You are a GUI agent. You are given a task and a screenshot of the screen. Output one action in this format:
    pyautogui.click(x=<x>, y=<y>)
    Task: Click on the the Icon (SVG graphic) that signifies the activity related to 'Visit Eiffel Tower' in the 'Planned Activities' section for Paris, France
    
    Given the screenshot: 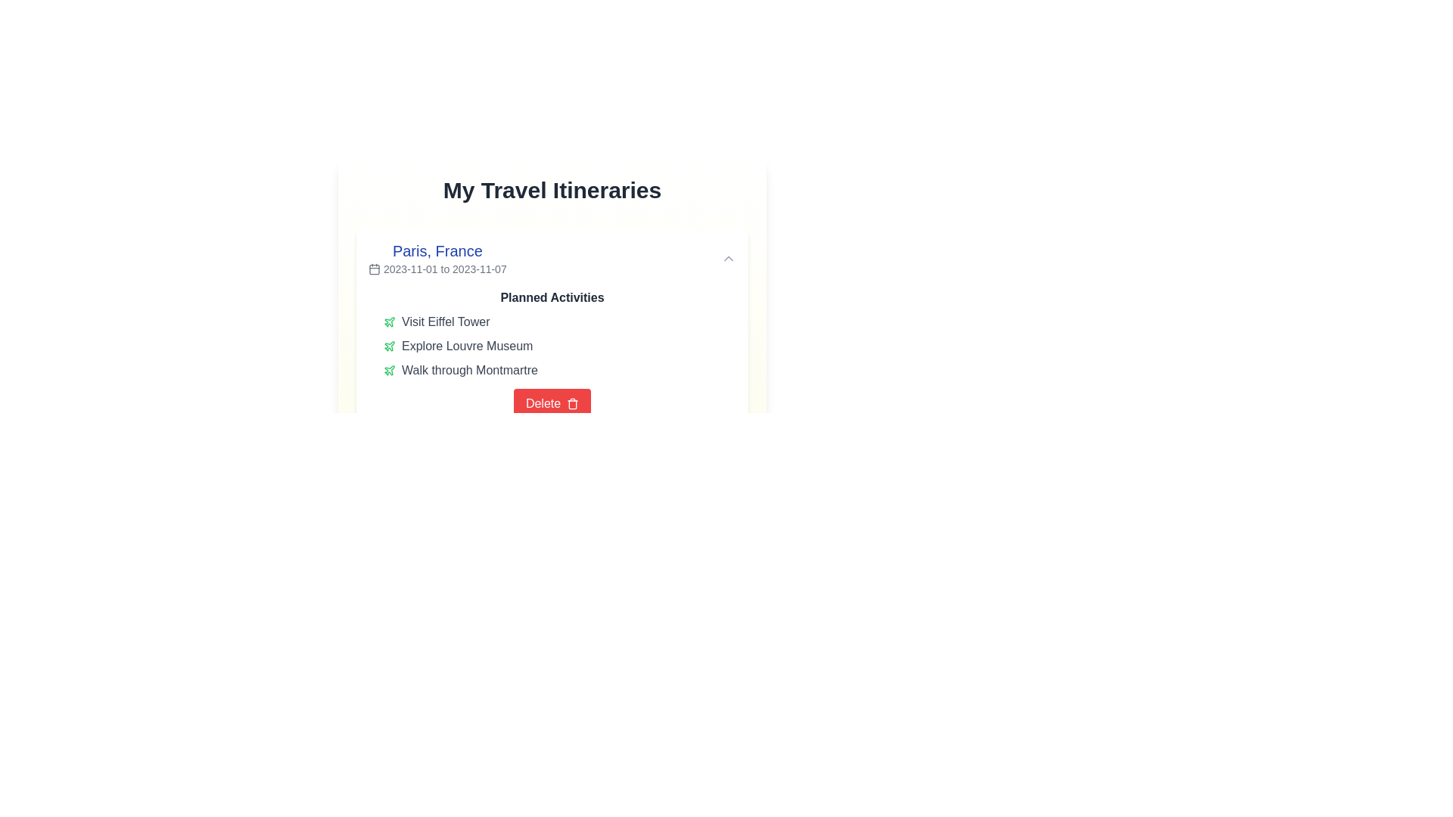 What is the action you would take?
    pyautogui.click(x=390, y=370)
    